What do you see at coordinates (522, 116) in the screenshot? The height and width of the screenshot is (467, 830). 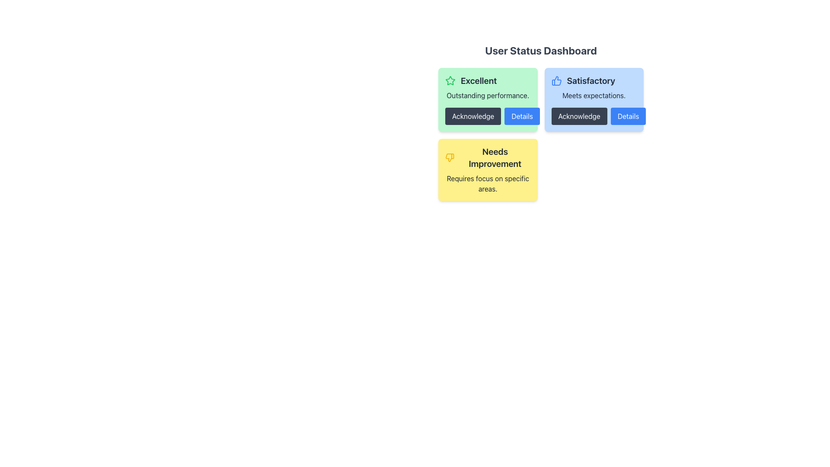 I see `the blue 'Details' button with white text, located to the right of the 'Acknowledge' button under the 'Excellent' section` at bounding box center [522, 116].